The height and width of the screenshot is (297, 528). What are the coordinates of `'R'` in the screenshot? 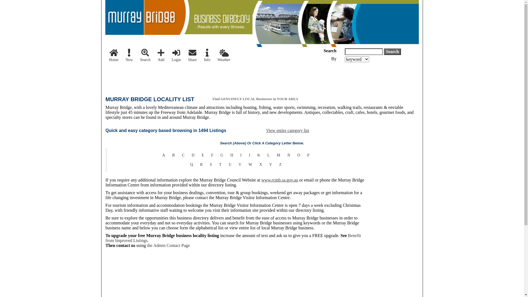 It's located at (201, 164).